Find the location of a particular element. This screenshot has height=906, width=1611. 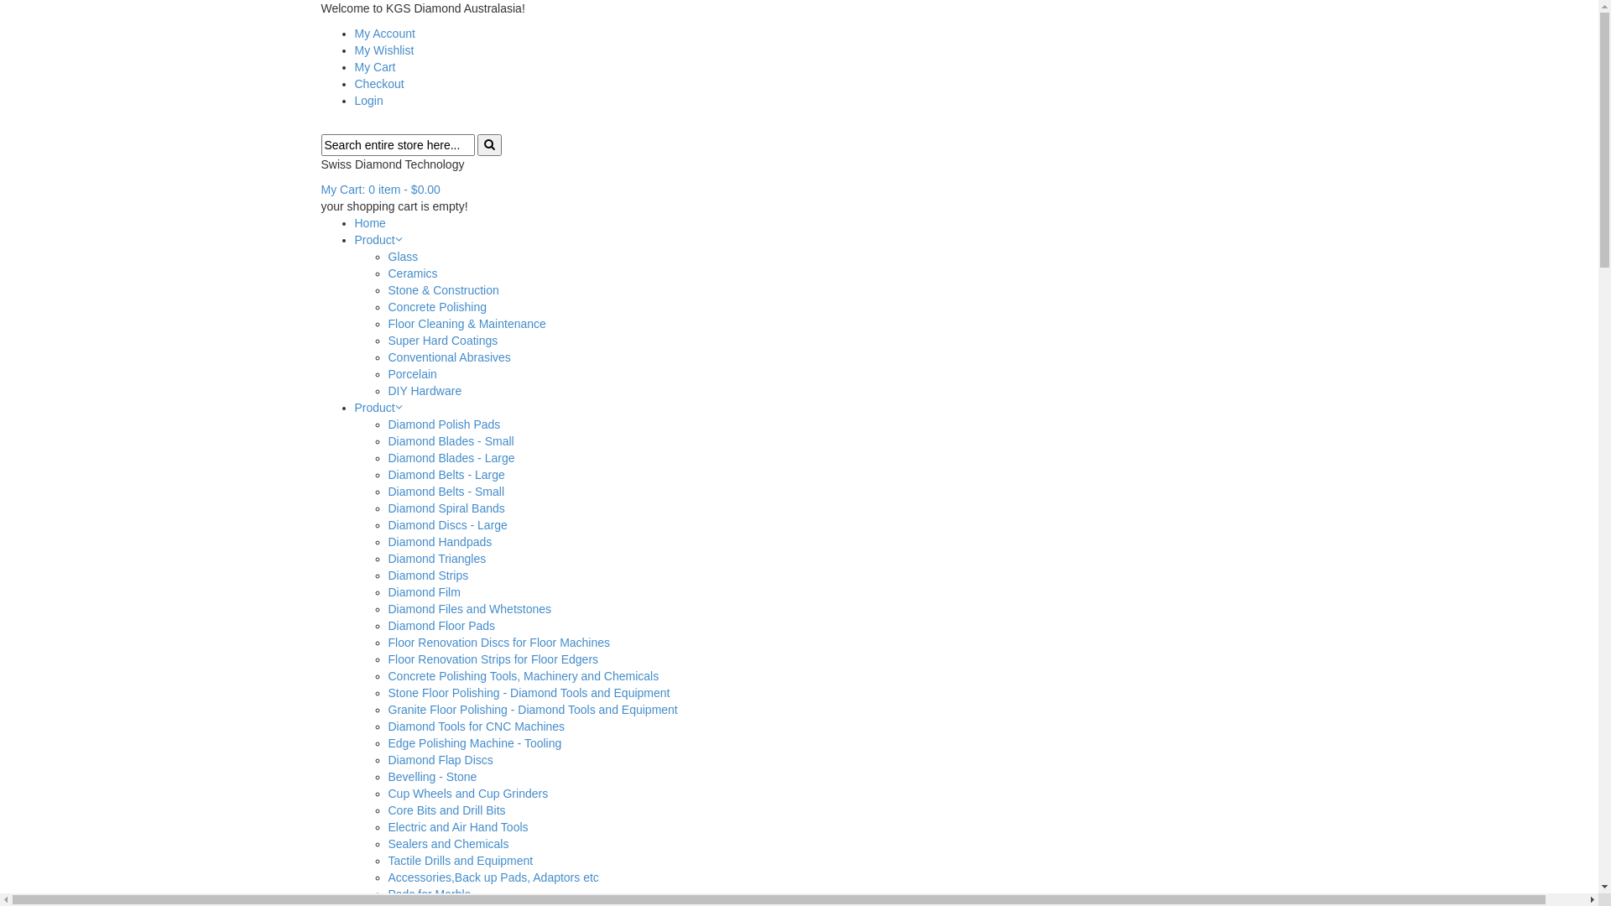

'Search' is located at coordinates (488, 144).